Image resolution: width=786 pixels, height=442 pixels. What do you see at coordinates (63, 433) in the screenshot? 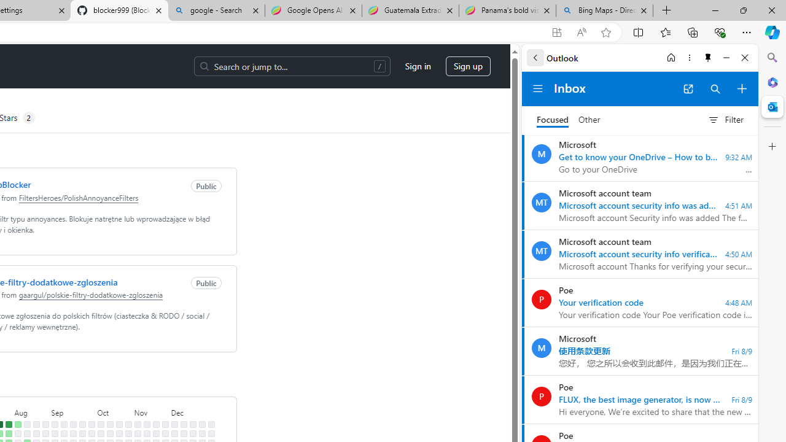
I see `'No contributions on September 9th.'` at bounding box center [63, 433].